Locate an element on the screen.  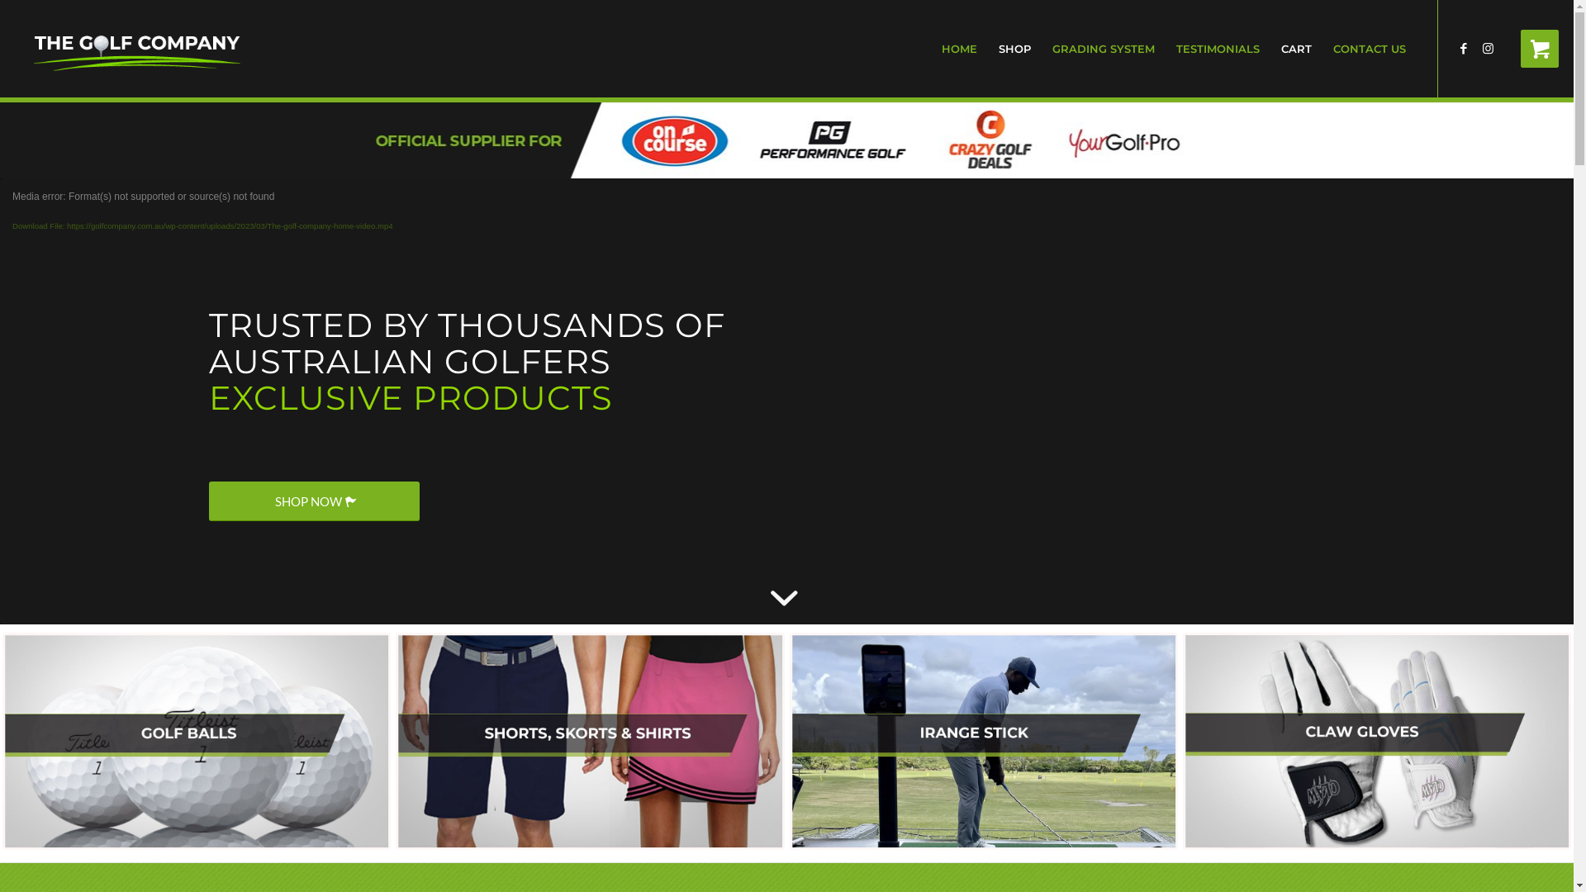
'Logo-The-Golf-Company-340' is located at coordinates (137, 47).